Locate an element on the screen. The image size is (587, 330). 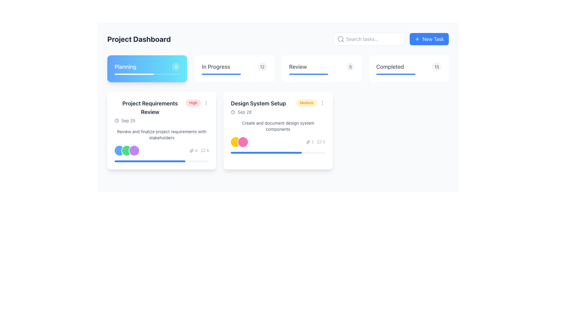
the circular shape representing the clock face in the SVG icon within the 'Project Requirements Review' card is located at coordinates (117, 120).